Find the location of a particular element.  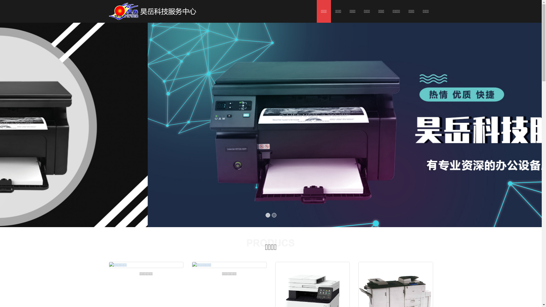

'2' is located at coordinates (271, 215).